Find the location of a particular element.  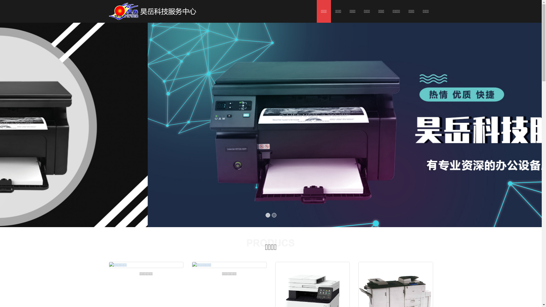

'2' is located at coordinates (271, 215).